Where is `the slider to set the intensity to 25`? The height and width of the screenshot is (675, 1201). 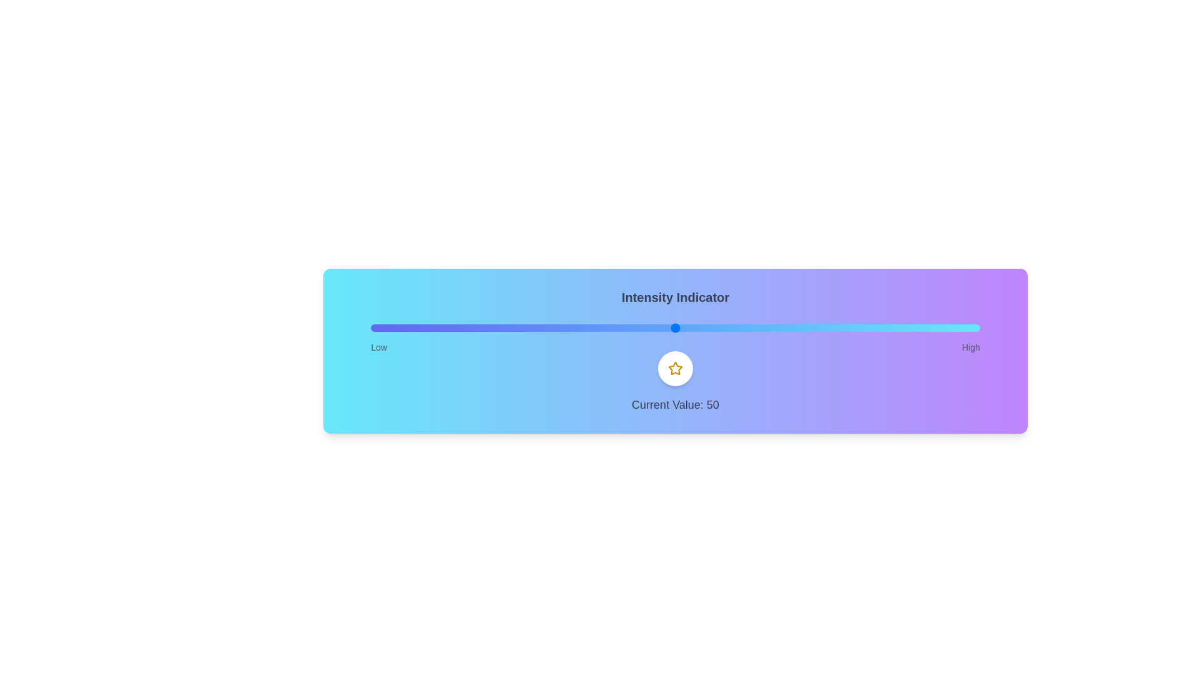 the slider to set the intensity to 25 is located at coordinates (523, 327).